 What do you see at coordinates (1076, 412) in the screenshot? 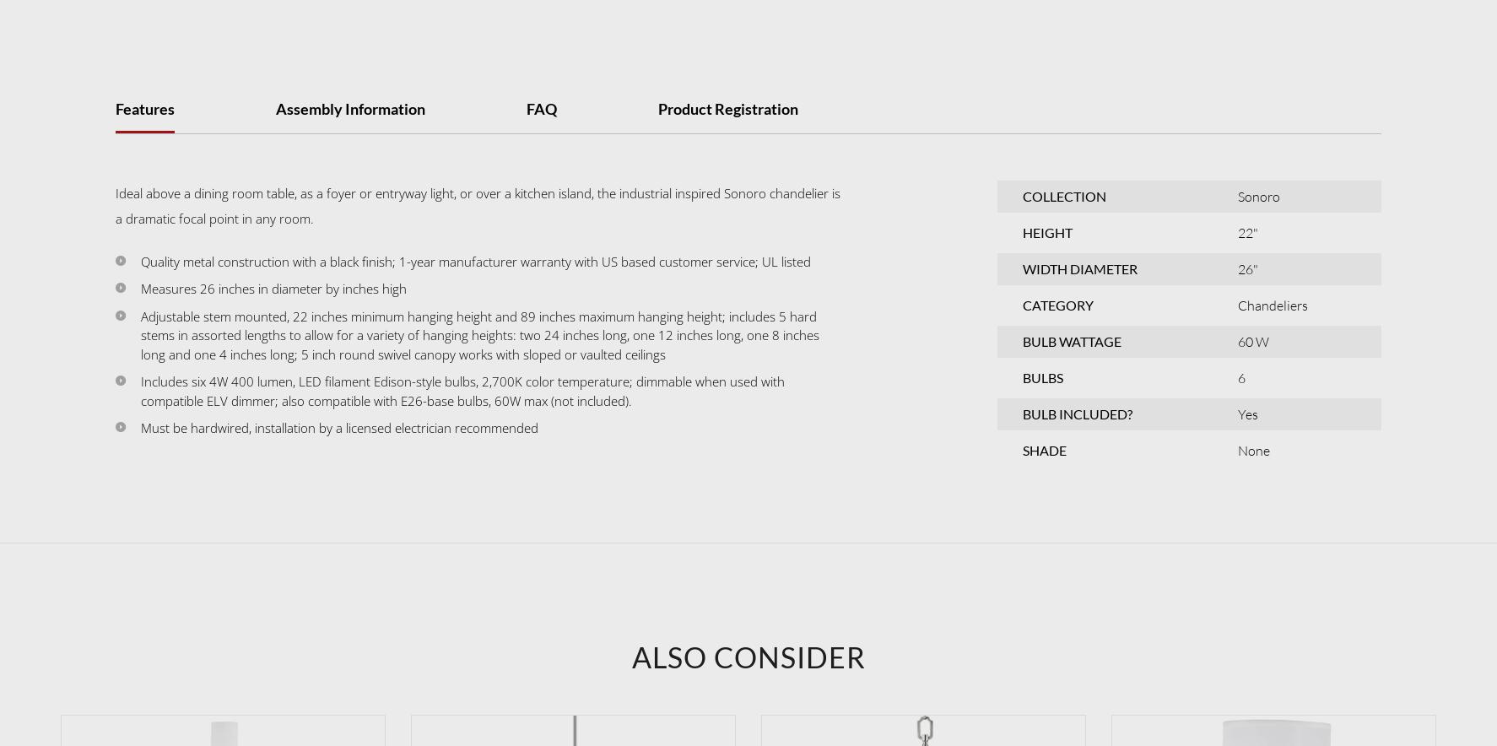
I see `'Bulb included?'` at bounding box center [1076, 412].